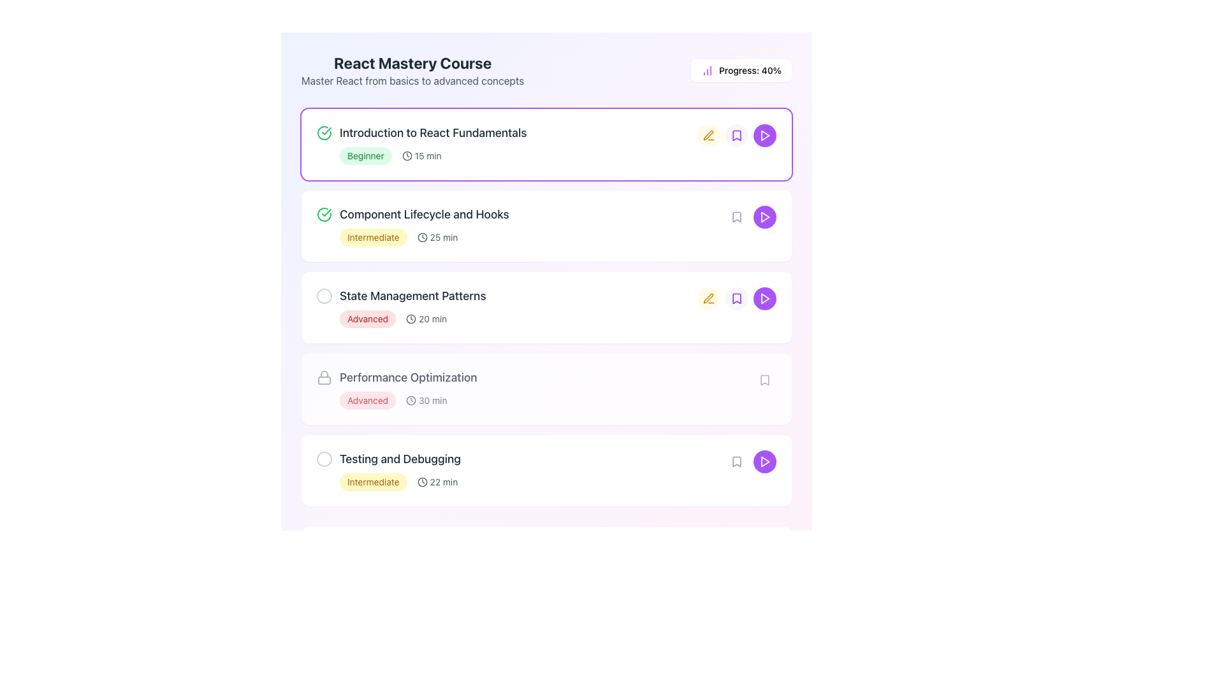  Describe the element at coordinates (765, 462) in the screenshot. I see `the play icon, which is a white triangle inside a vibrant purple circular button, located on the far-right side of the last row in the course modules list associated with the 'Testing and Debugging' module` at that location.